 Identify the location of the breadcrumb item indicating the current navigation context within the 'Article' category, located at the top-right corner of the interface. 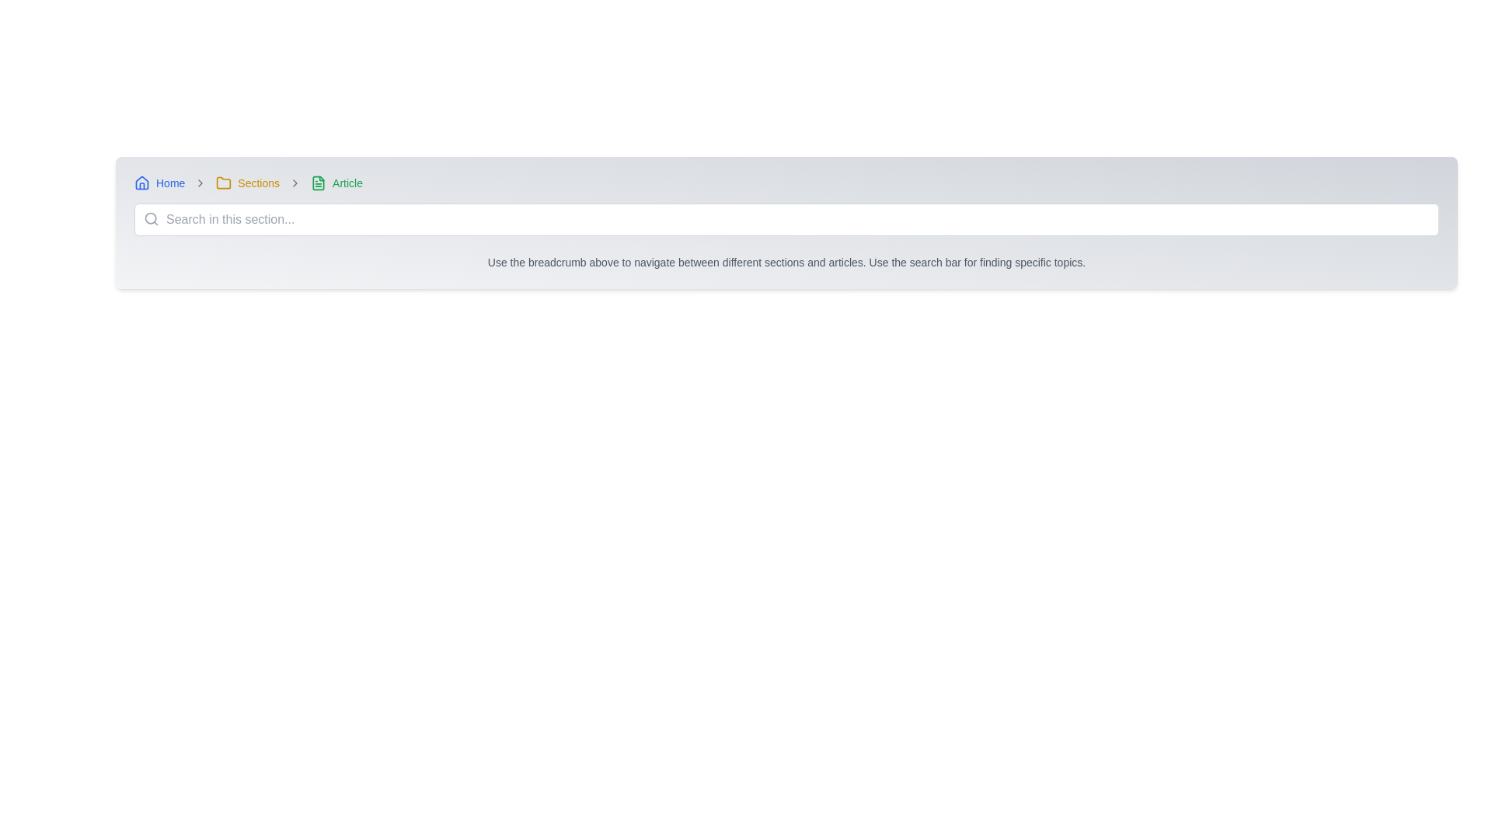
(336, 182).